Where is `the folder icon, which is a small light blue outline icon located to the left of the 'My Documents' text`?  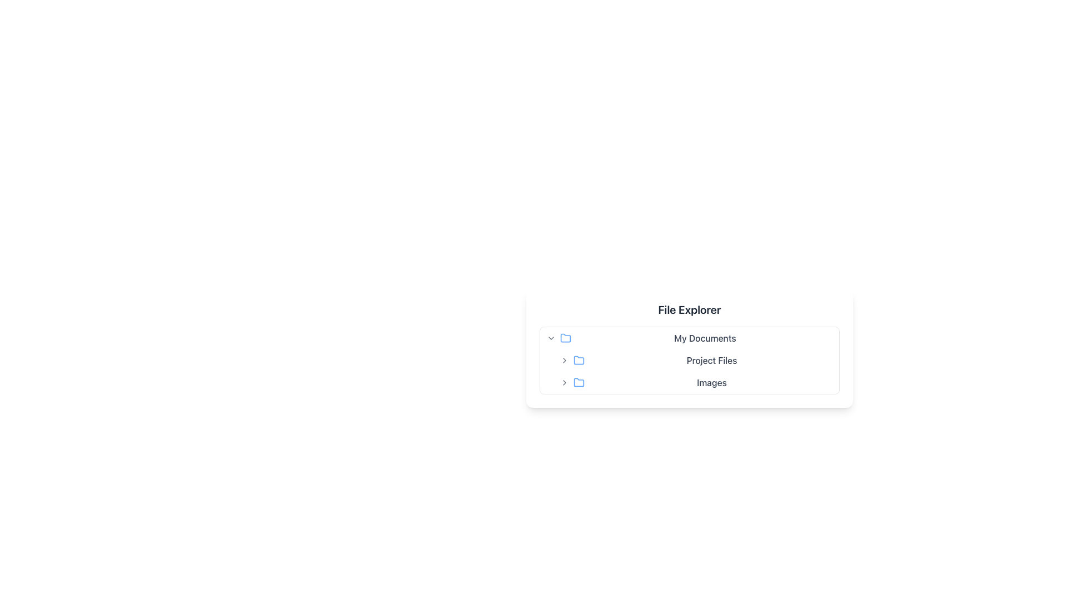 the folder icon, which is a small light blue outline icon located to the left of the 'My Documents' text is located at coordinates (565, 338).